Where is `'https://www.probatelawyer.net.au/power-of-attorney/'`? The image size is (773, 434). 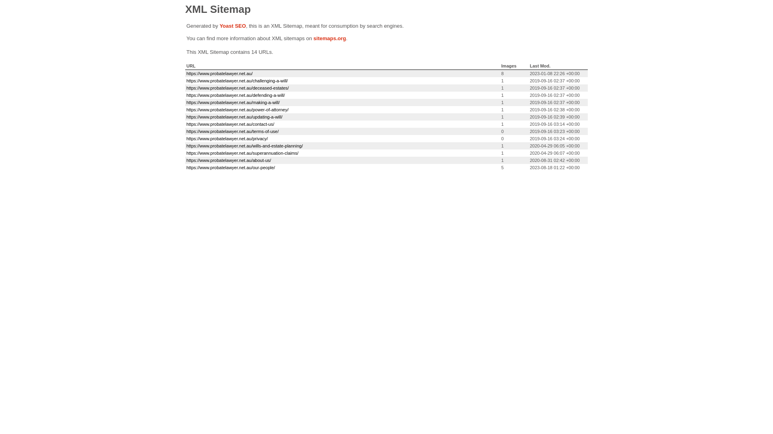 'https://www.probatelawyer.net.au/power-of-attorney/' is located at coordinates (186, 110).